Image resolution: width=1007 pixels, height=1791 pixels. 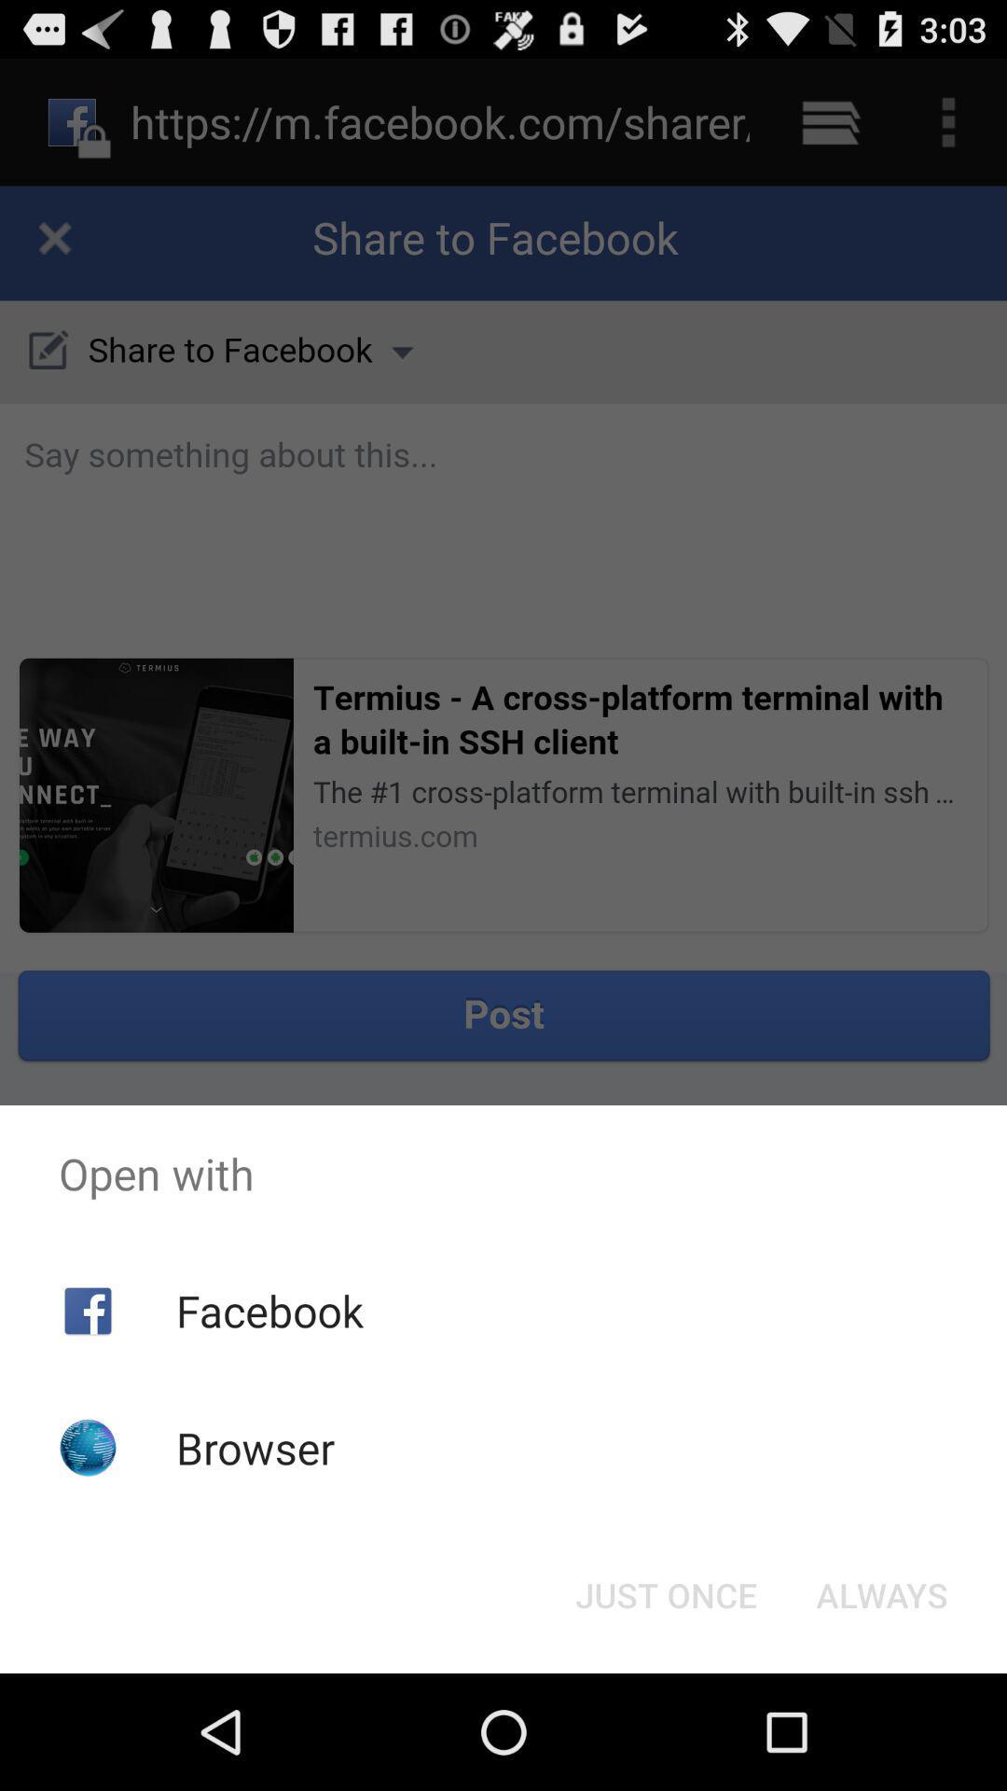 What do you see at coordinates (665, 1593) in the screenshot?
I see `item next to always button` at bounding box center [665, 1593].